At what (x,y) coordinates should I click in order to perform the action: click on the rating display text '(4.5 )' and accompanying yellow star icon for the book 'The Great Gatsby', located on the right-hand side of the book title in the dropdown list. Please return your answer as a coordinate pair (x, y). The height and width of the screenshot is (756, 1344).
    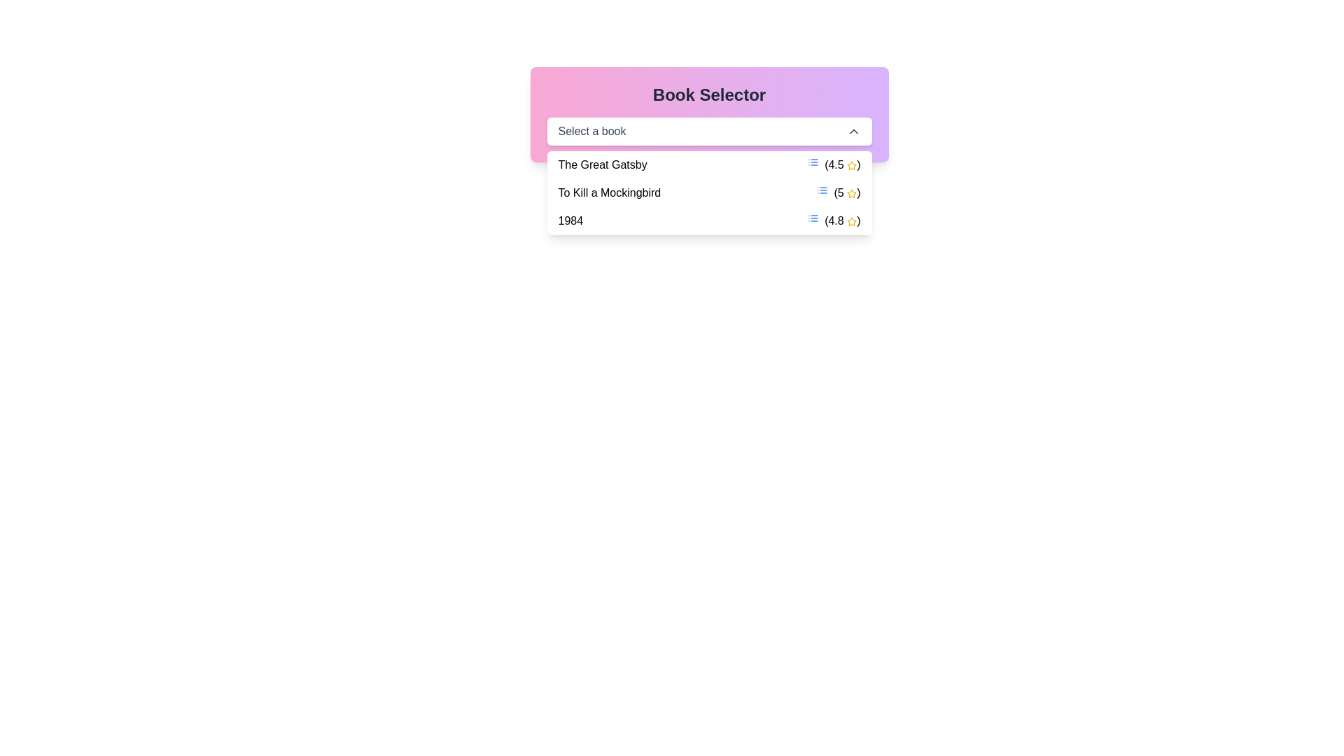
    Looking at the image, I should click on (833, 164).